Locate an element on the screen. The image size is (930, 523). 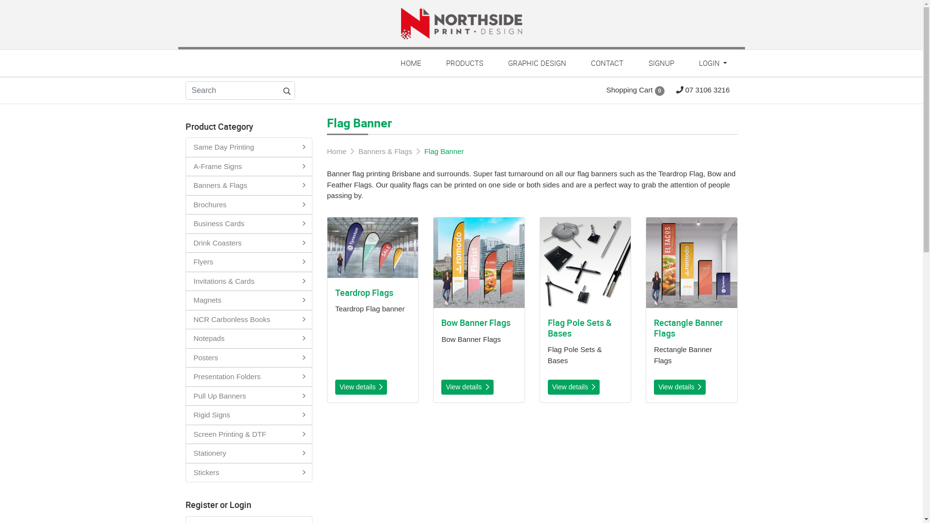
'Business Cards' is located at coordinates (249, 224).